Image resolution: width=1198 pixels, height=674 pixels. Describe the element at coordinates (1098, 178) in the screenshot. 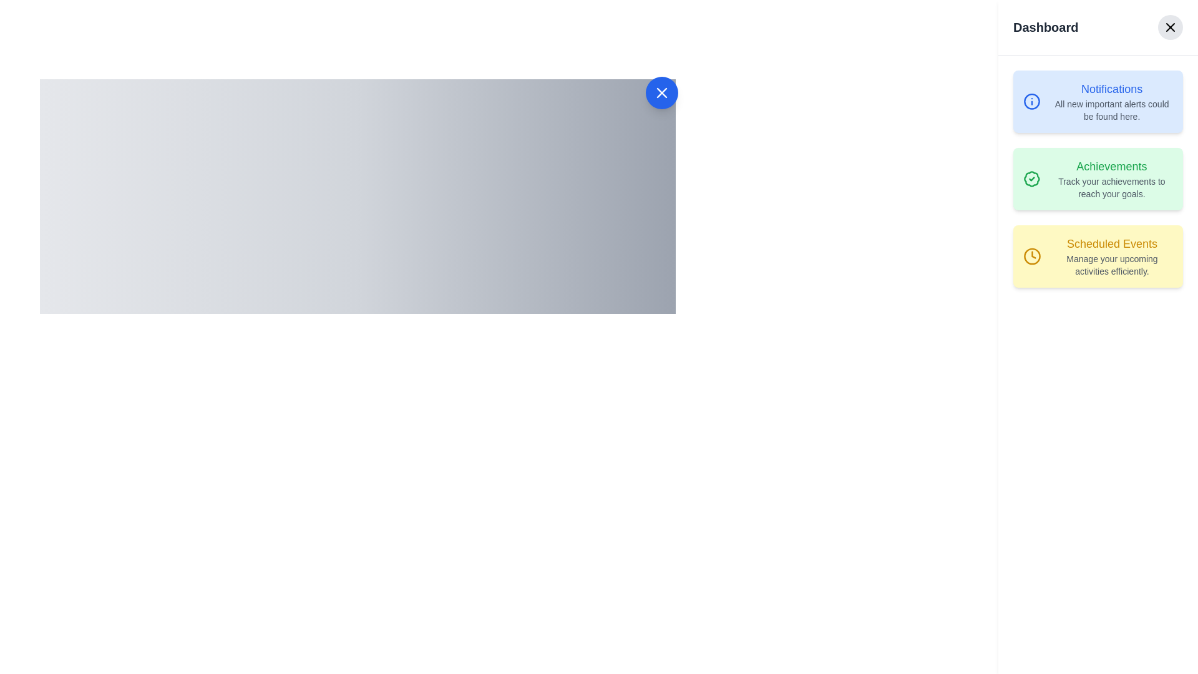

I see `the 'Achievements' Informational Card element, which is a green rectangular card with rounded corners located in the sidebar panel, positioned beneath the 'Notifications' card` at that location.